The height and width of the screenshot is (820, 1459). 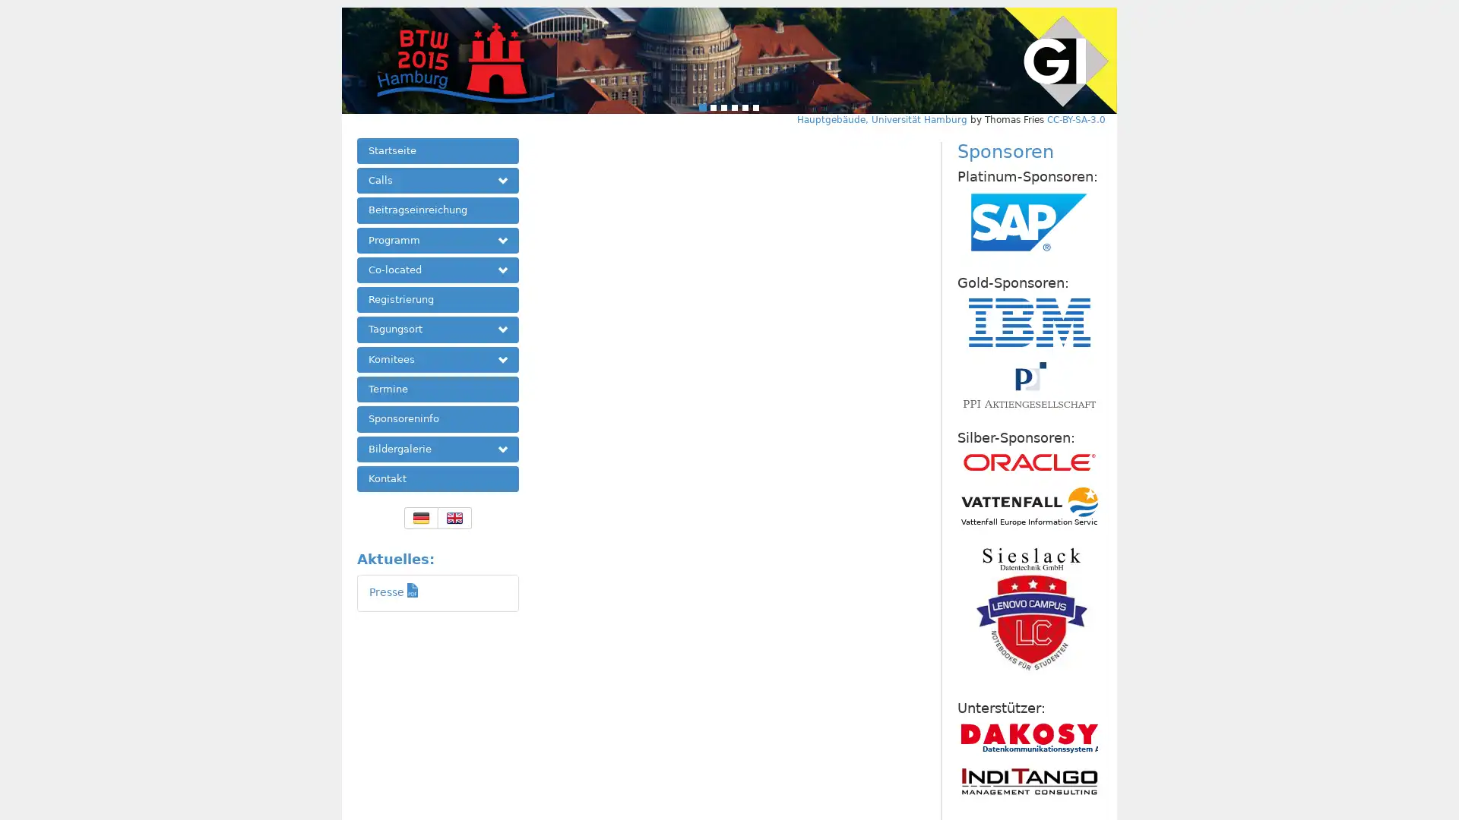 What do you see at coordinates (453, 517) in the screenshot?
I see `Englisch` at bounding box center [453, 517].